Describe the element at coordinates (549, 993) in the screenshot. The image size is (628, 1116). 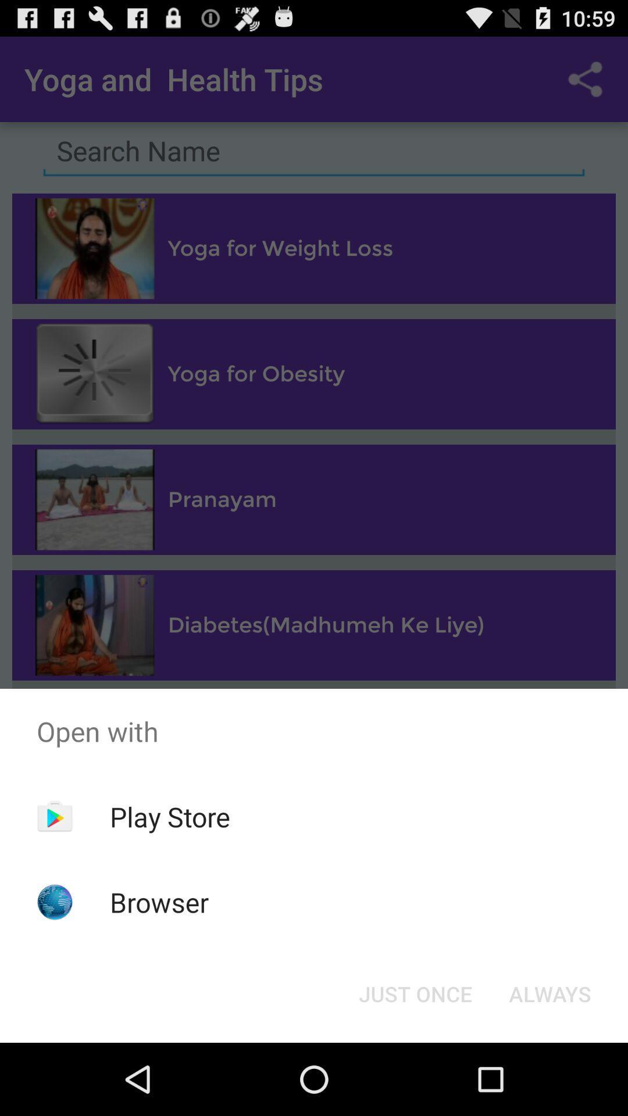
I see `always at the bottom right corner` at that location.